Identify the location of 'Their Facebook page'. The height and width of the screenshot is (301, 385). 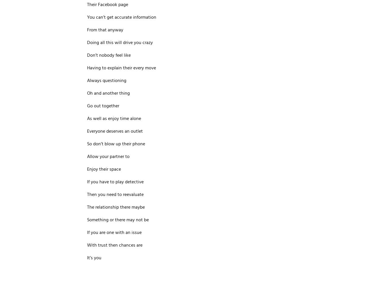
(107, 5).